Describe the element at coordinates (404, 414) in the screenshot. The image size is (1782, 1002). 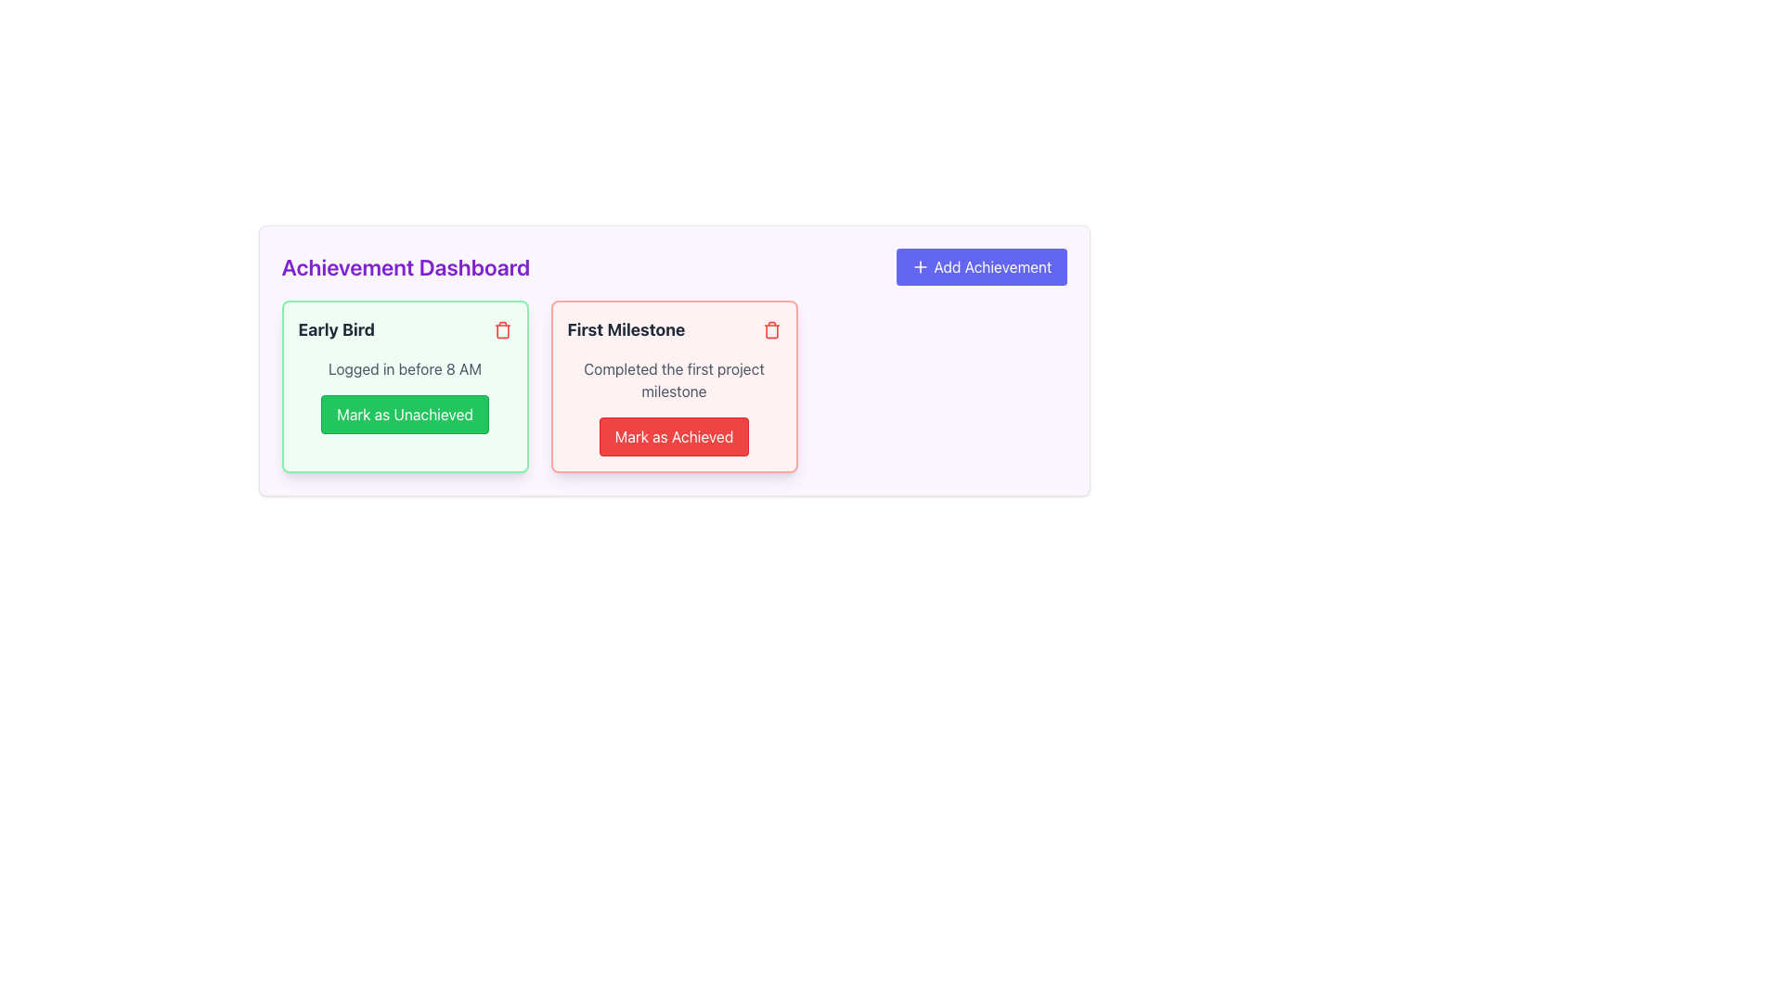
I see `the 'Early Bird' achievement button located below the 'Logged in before 8 AM' text to mark the achievement as unachieved` at that location.